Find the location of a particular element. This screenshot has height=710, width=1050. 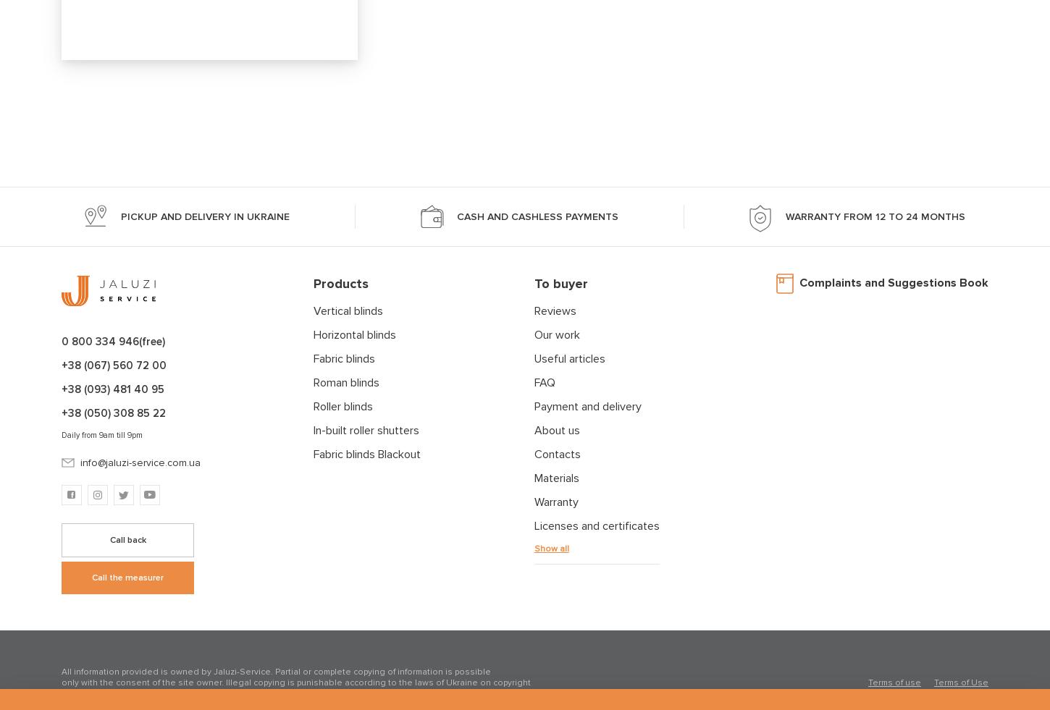

'About us' is located at coordinates (556, 430).